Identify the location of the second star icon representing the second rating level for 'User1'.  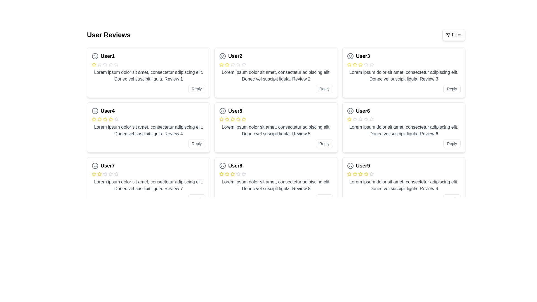
(105, 64).